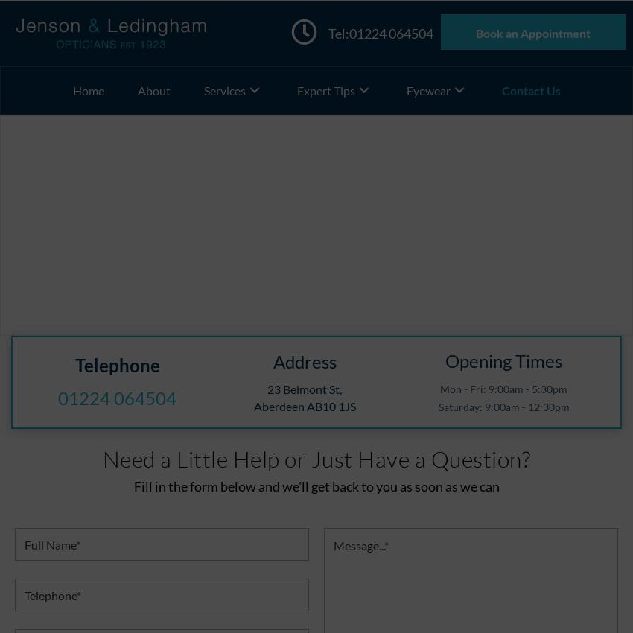 The height and width of the screenshot is (633, 633). What do you see at coordinates (316, 458) in the screenshot?
I see `'Need a Little Help or Just Have a Question?'` at bounding box center [316, 458].